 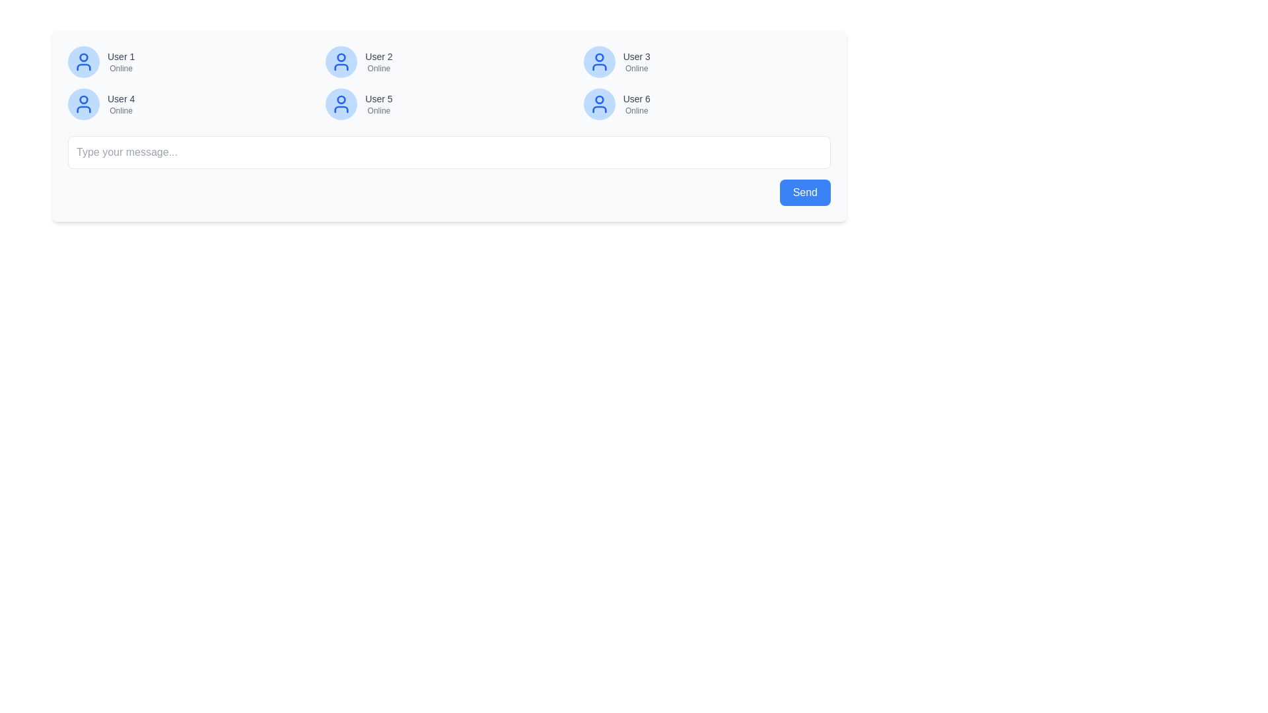 I want to click on the rounded, curved shoulder or torso part of the user icon representing 'User 1 Online', which is styled with blue stroke lines and has no fill color, so click(x=83, y=67).